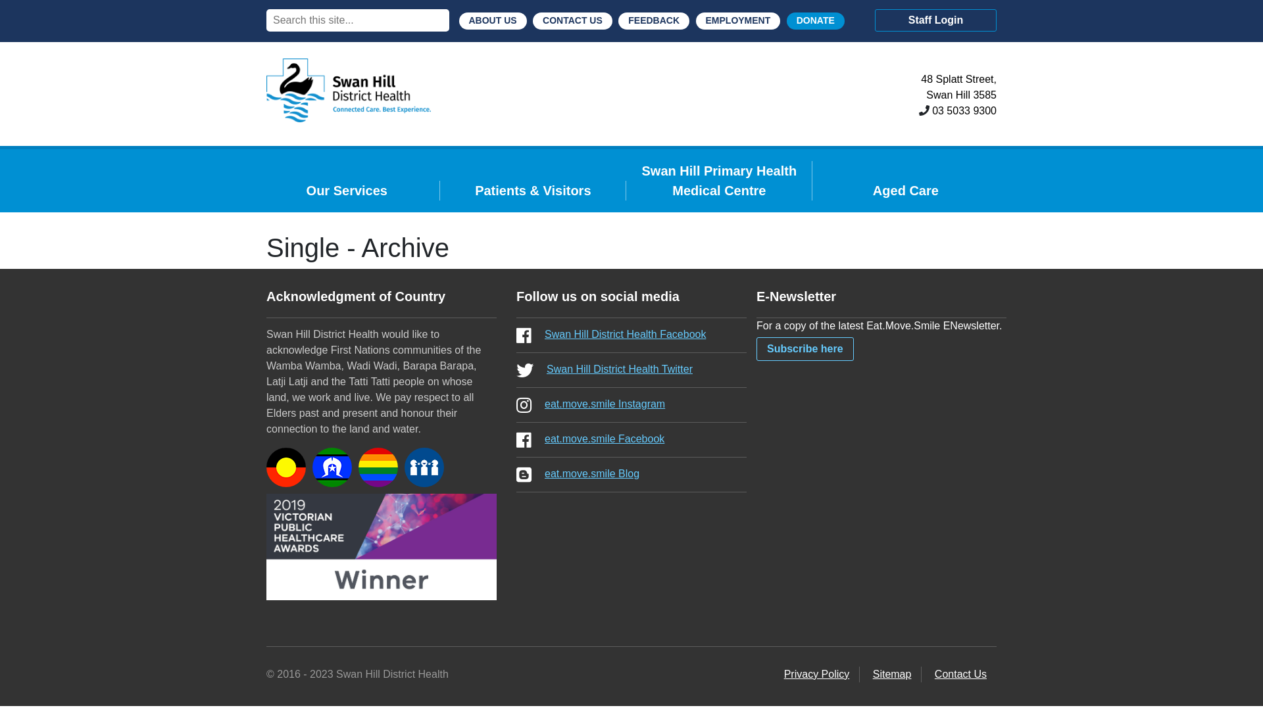 The width and height of the screenshot is (1263, 710). Describe the element at coordinates (492, 20) in the screenshot. I see `'ABOUT US'` at that location.